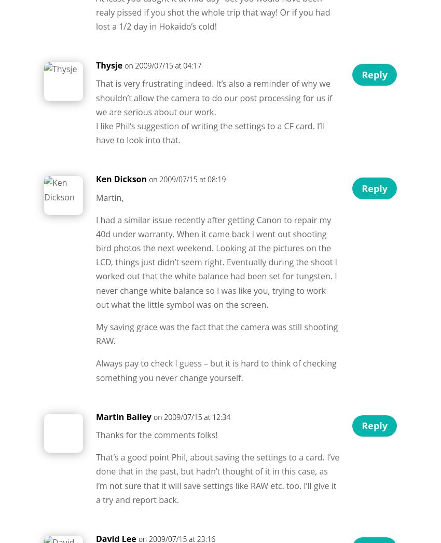 The image size is (441, 543). What do you see at coordinates (186, 179) in the screenshot?
I see `'on 2009/07/15 at 08:19'` at bounding box center [186, 179].